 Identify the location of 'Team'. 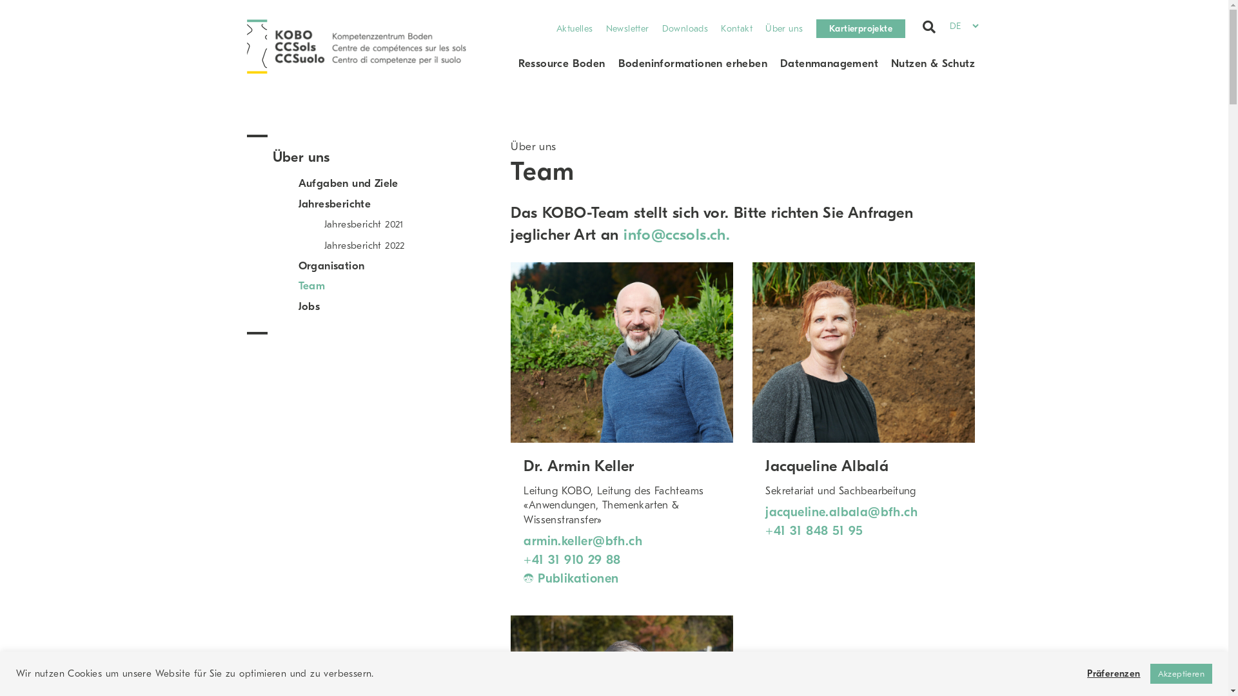
(311, 285).